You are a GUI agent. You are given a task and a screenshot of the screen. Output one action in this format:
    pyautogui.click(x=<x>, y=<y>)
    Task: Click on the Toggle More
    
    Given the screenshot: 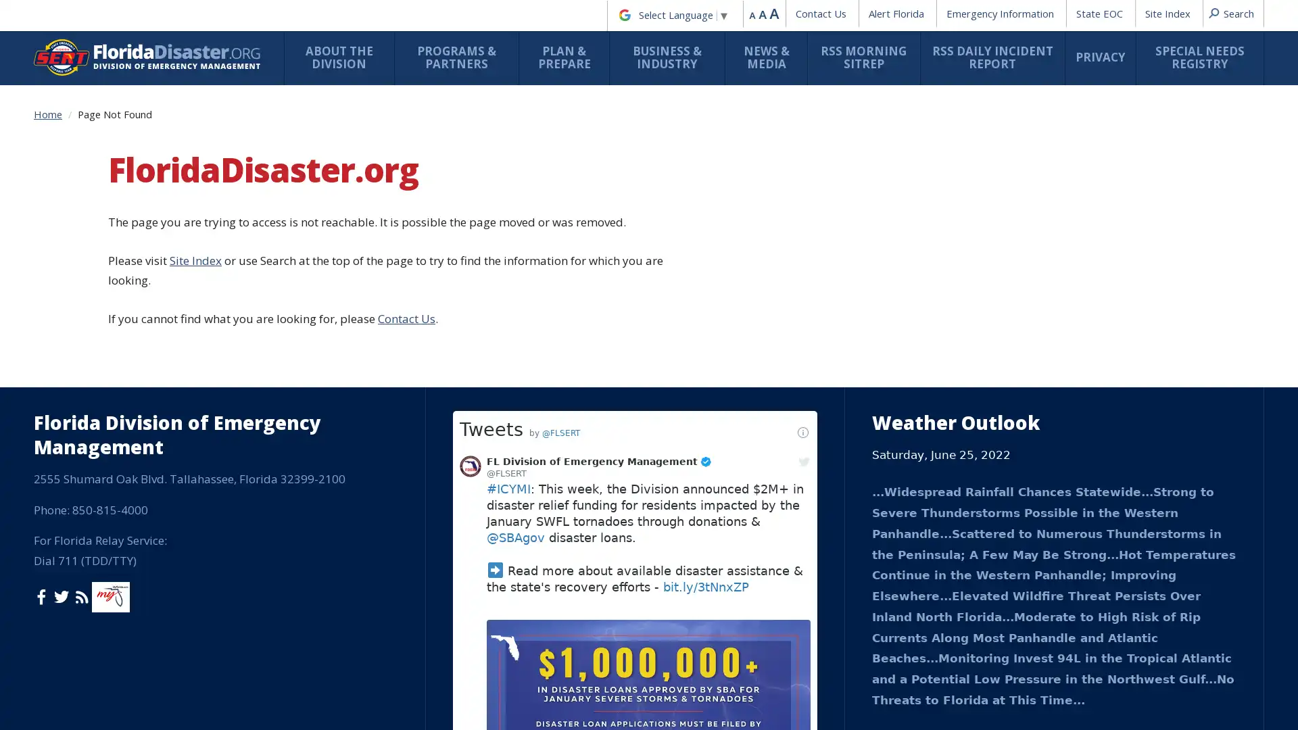 What is the action you would take?
    pyautogui.click(x=542, y=180)
    